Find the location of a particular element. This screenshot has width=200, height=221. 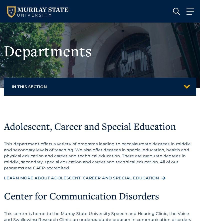

'Alumni' is located at coordinates (32, 134).